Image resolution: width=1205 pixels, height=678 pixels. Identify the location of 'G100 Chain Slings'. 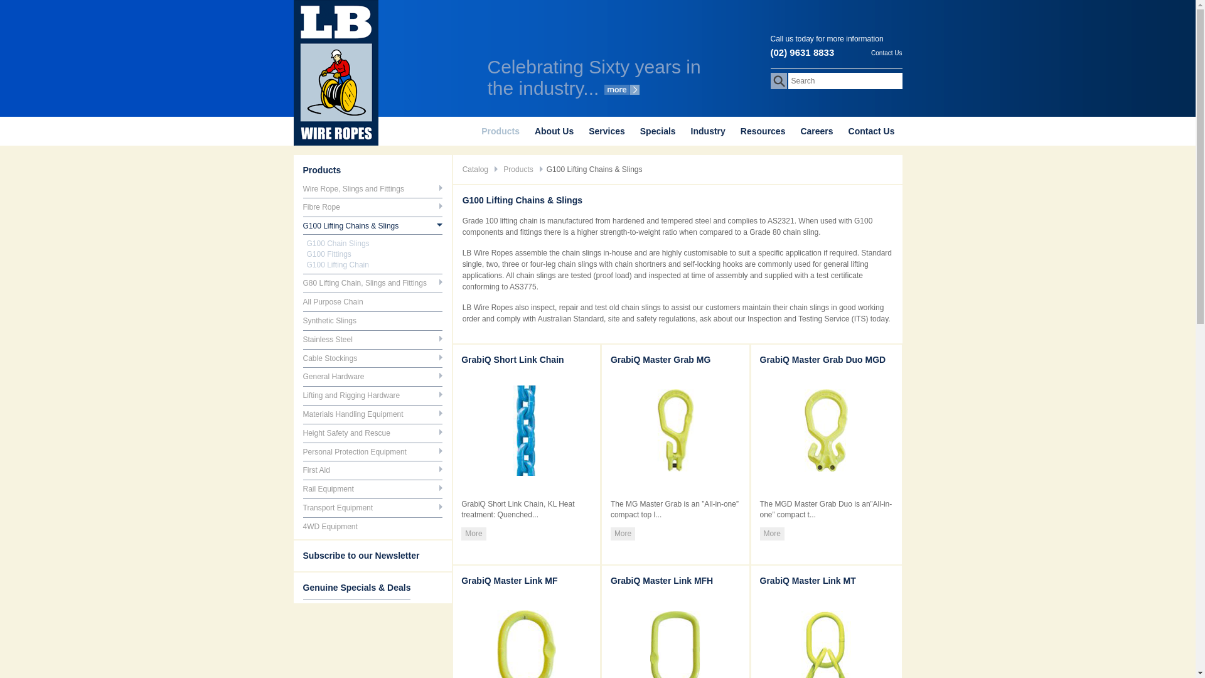
(306, 244).